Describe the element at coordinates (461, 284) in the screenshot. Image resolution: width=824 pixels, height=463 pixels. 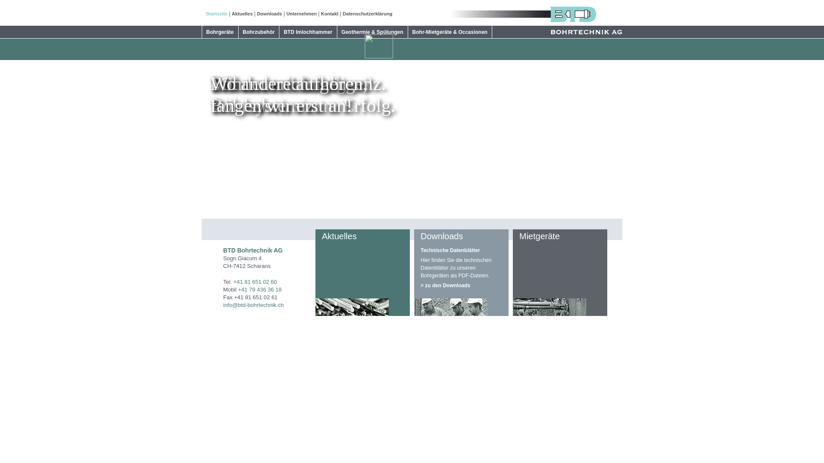
I see `'> zu den Downloads'` at that location.